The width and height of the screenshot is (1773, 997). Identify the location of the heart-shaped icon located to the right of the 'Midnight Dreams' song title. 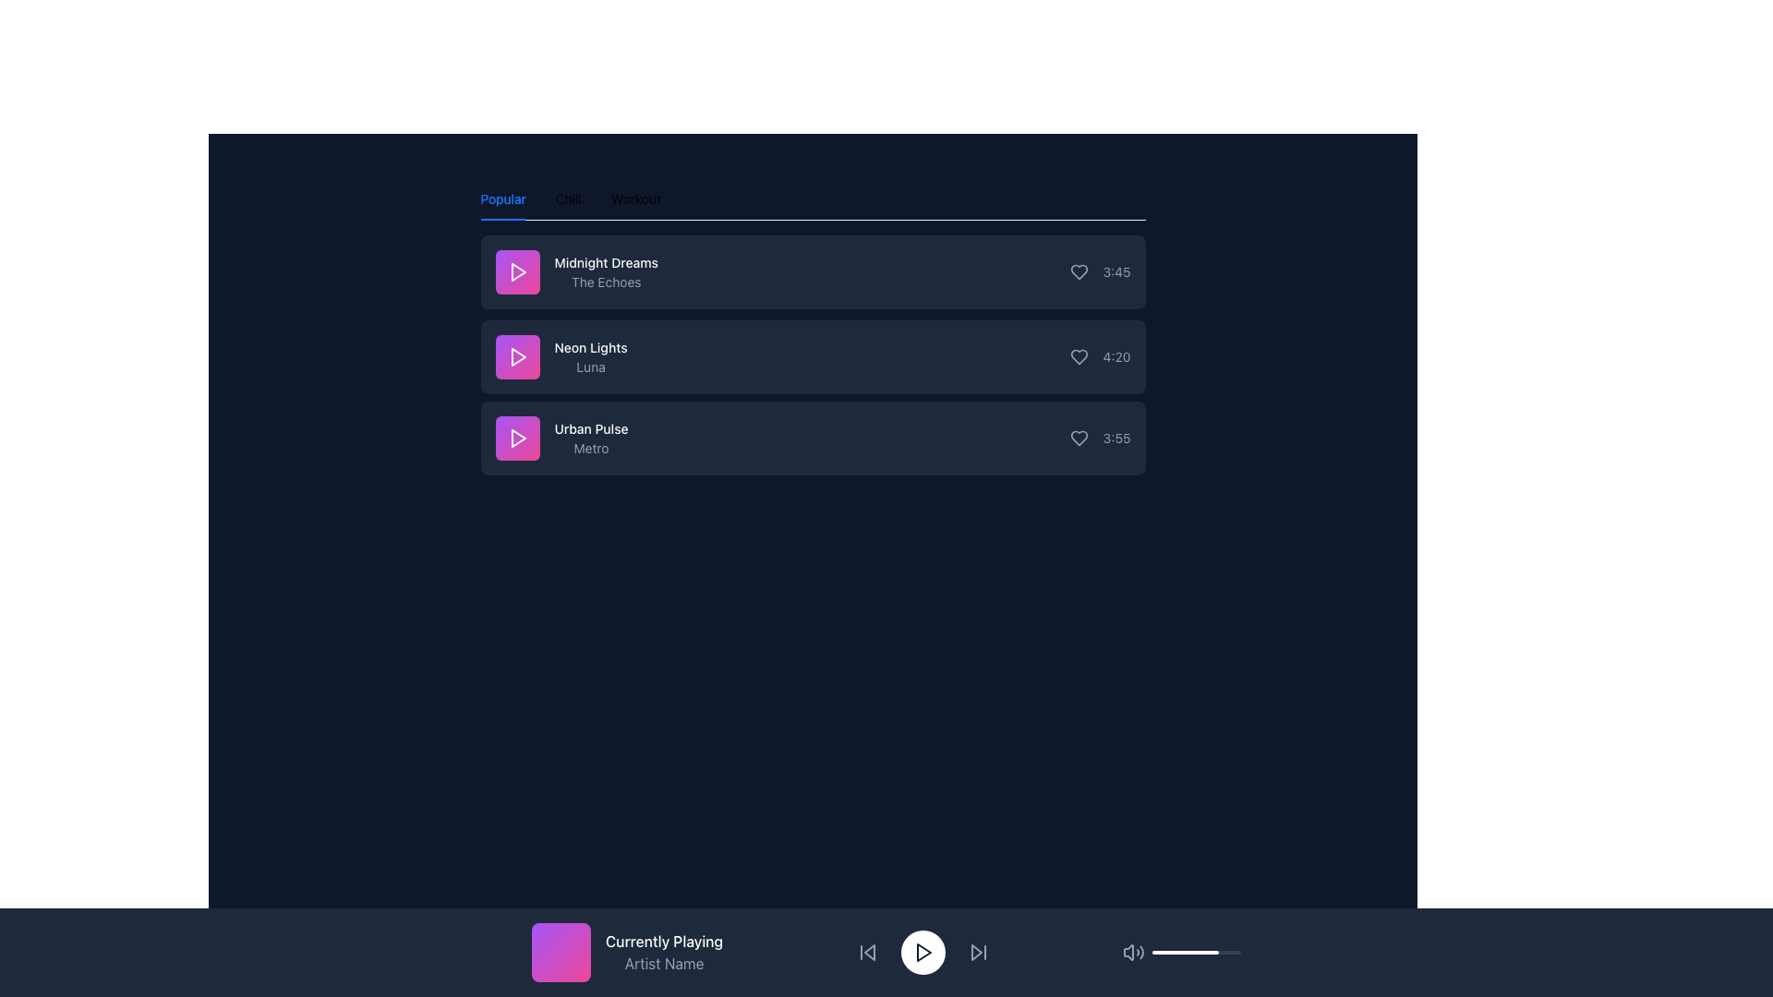
(1079, 271).